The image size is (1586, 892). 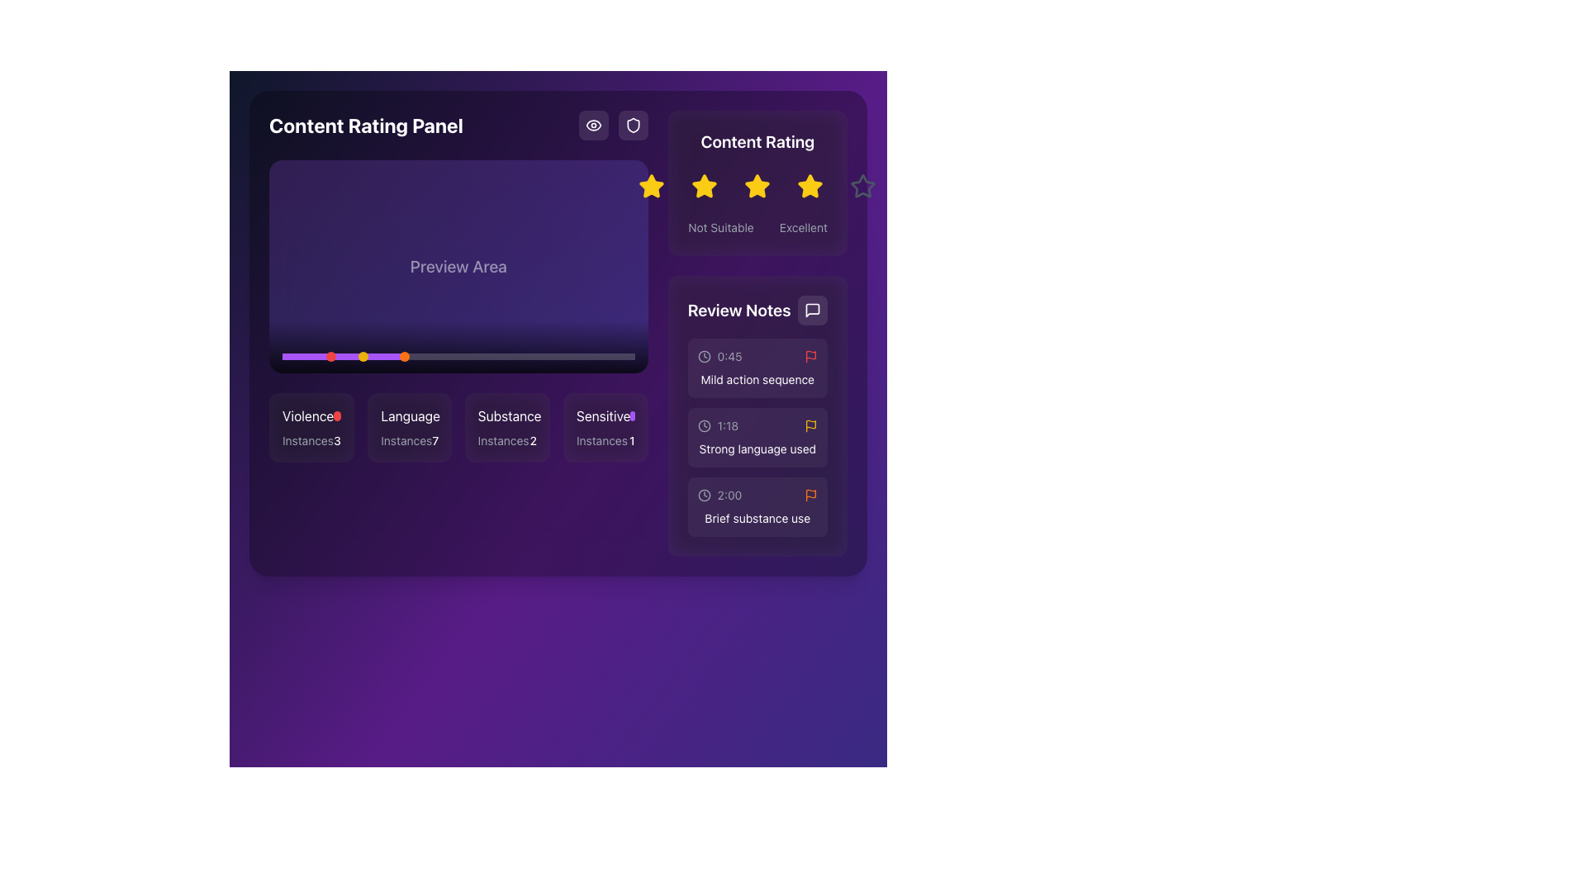 I want to click on the timestamp and note of the first List item in the 'Review Notes' section, which is marked with a red flag and indicates importance or sensitivity, so click(x=756, y=368).